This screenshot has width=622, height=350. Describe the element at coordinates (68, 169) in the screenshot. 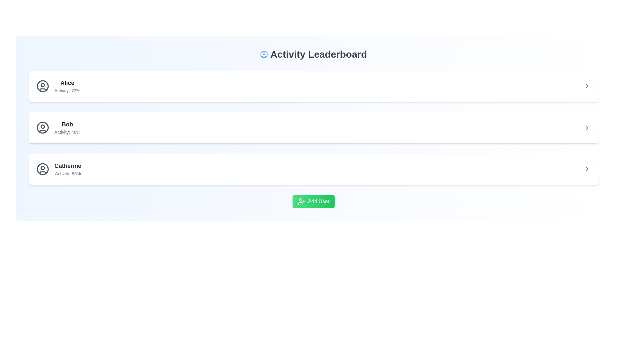

I see `the text label displaying the user name 'Catherine' and their activity percentage '86%'` at that location.